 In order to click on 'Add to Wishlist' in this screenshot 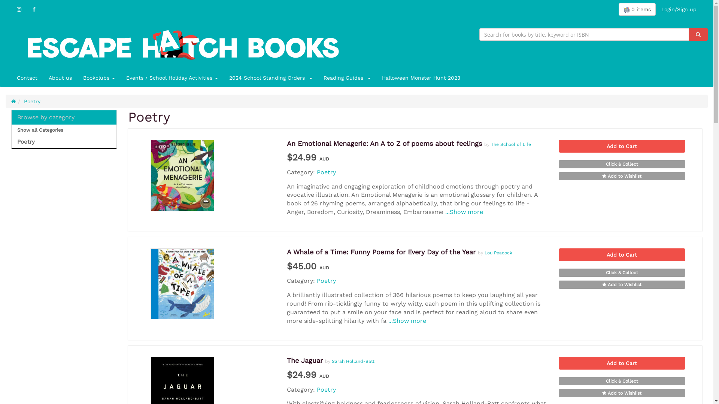, I will do `click(622, 176)`.